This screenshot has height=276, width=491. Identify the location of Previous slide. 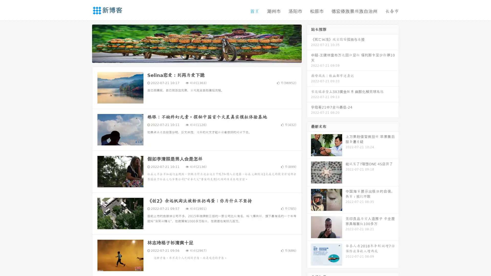
(84, 43).